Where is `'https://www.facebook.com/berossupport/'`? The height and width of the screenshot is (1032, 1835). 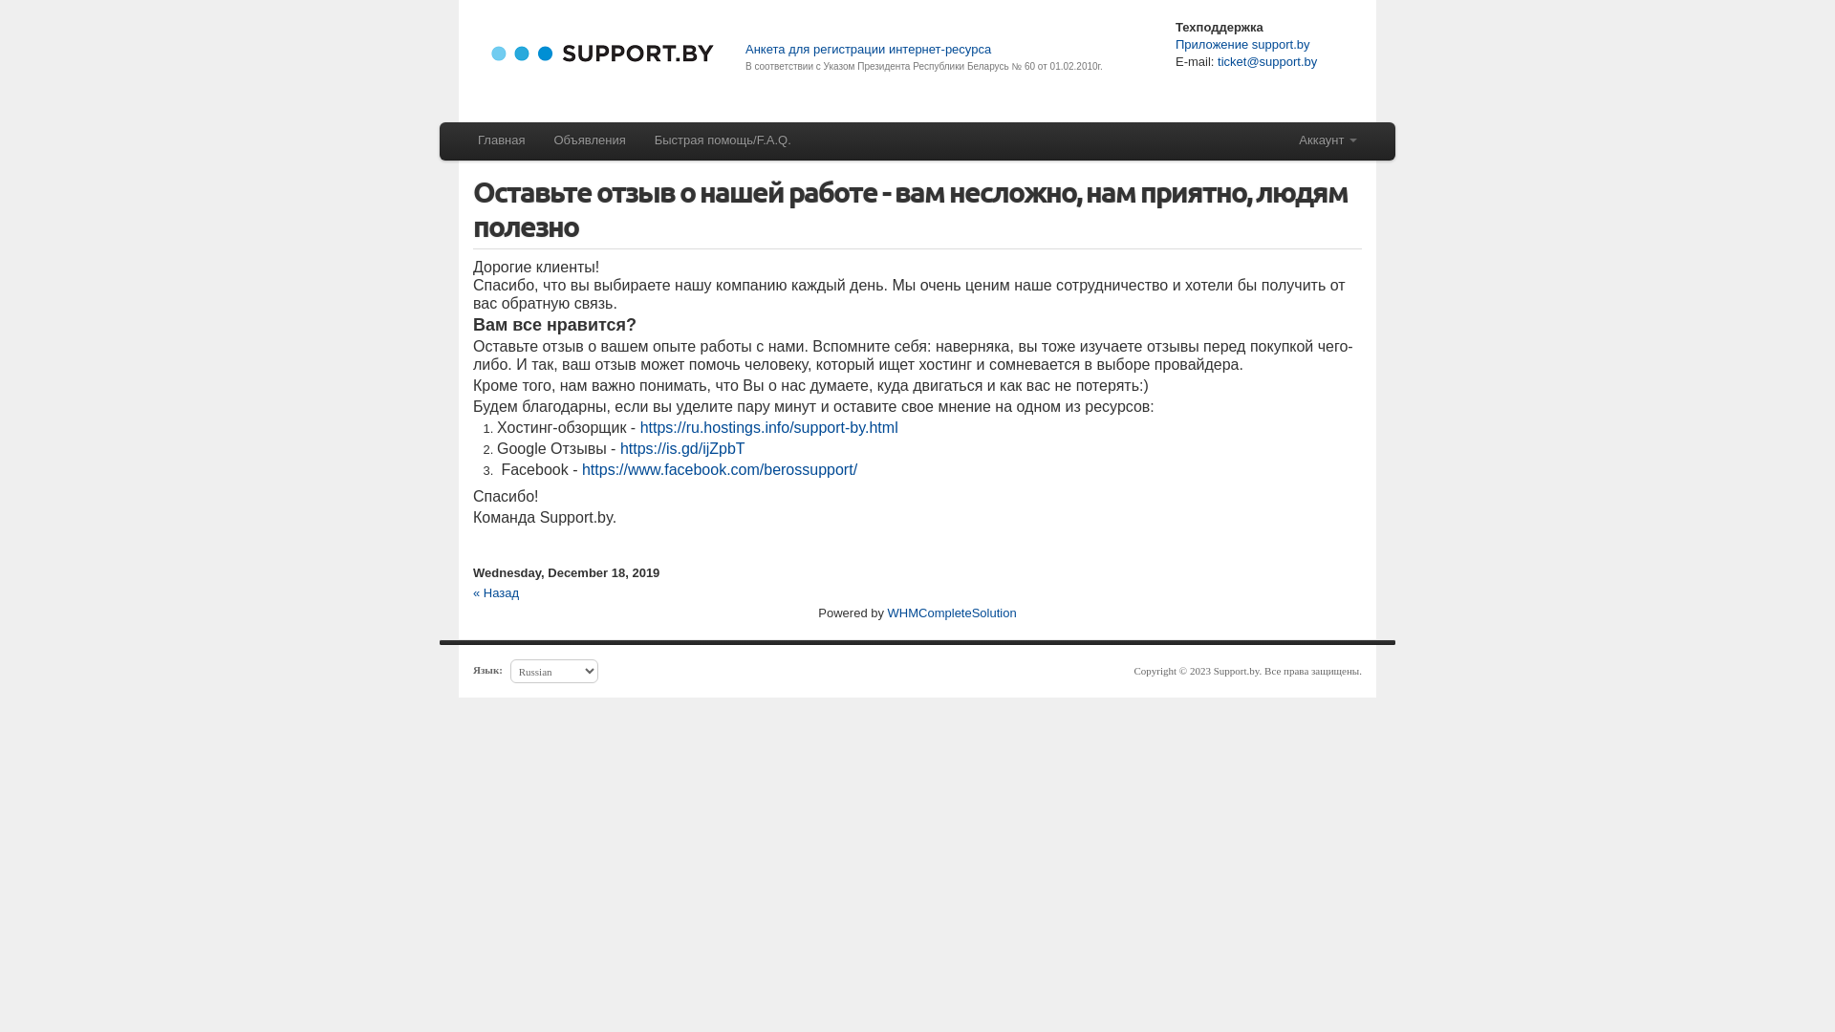
'https://www.facebook.com/berossupport/' is located at coordinates (719, 469).